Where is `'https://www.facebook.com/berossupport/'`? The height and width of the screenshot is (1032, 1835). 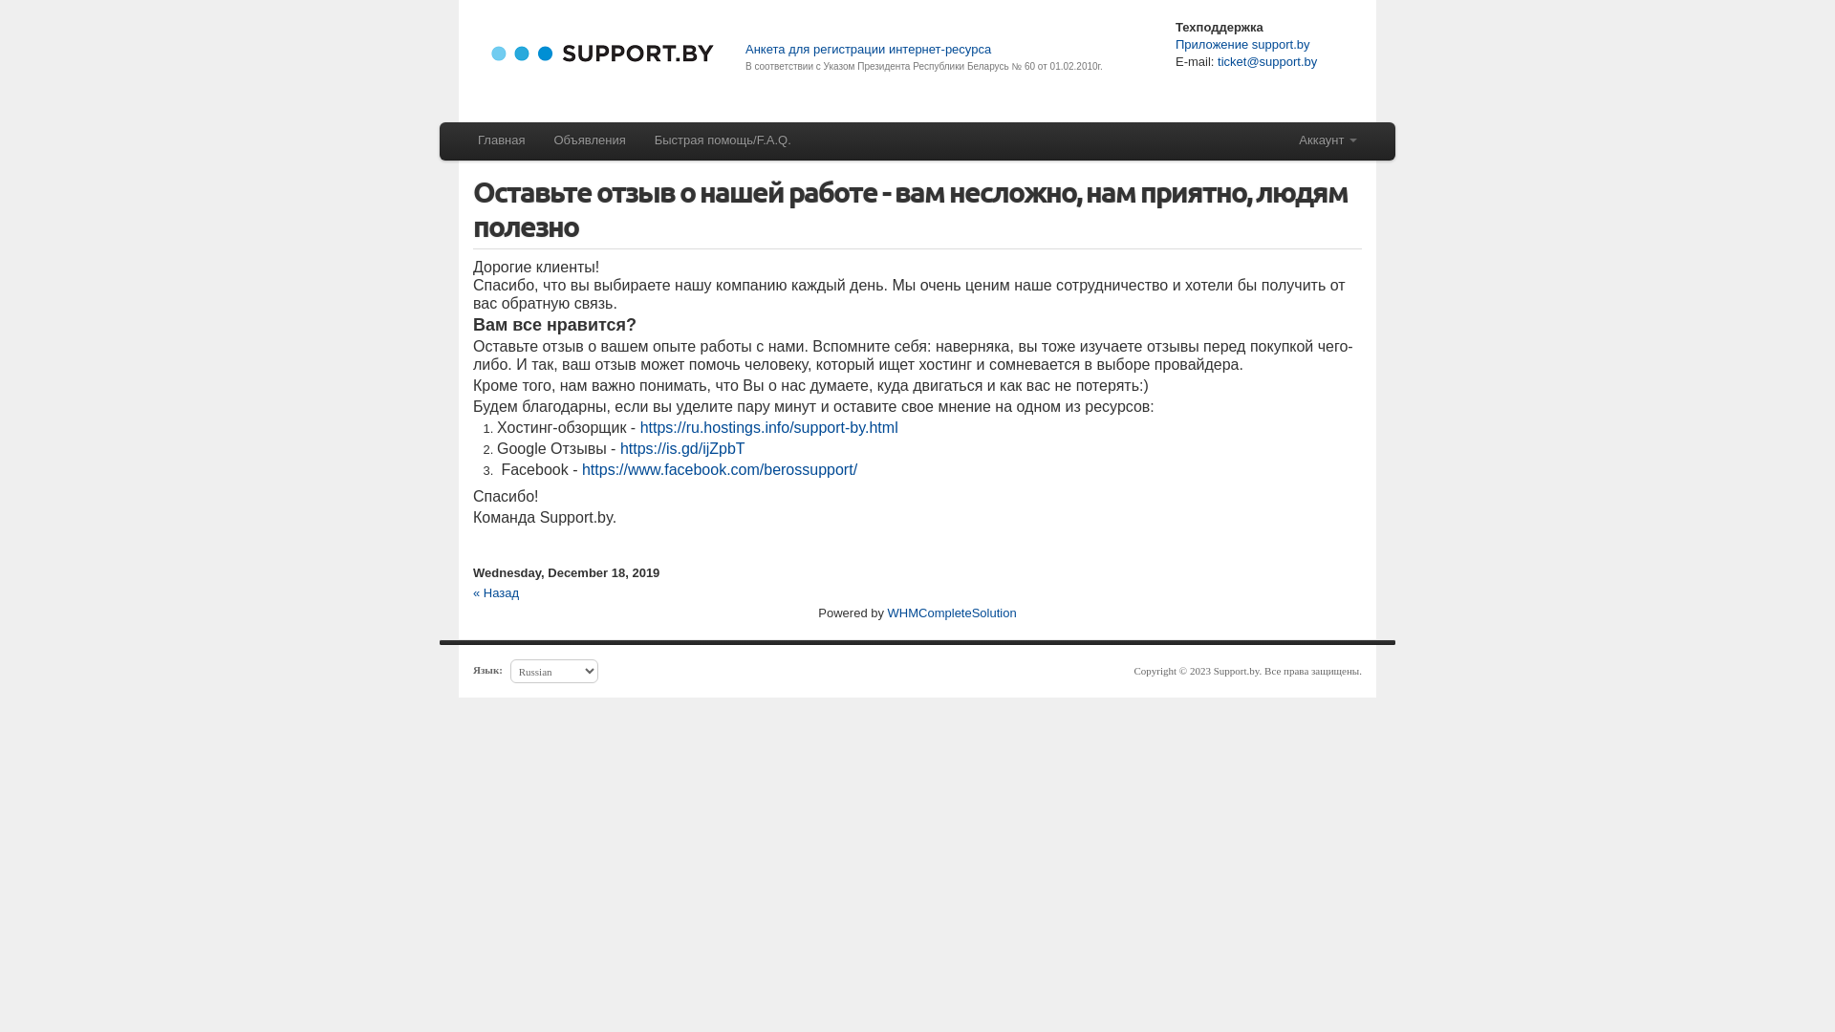
'https://www.facebook.com/berossupport/' is located at coordinates (719, 469).